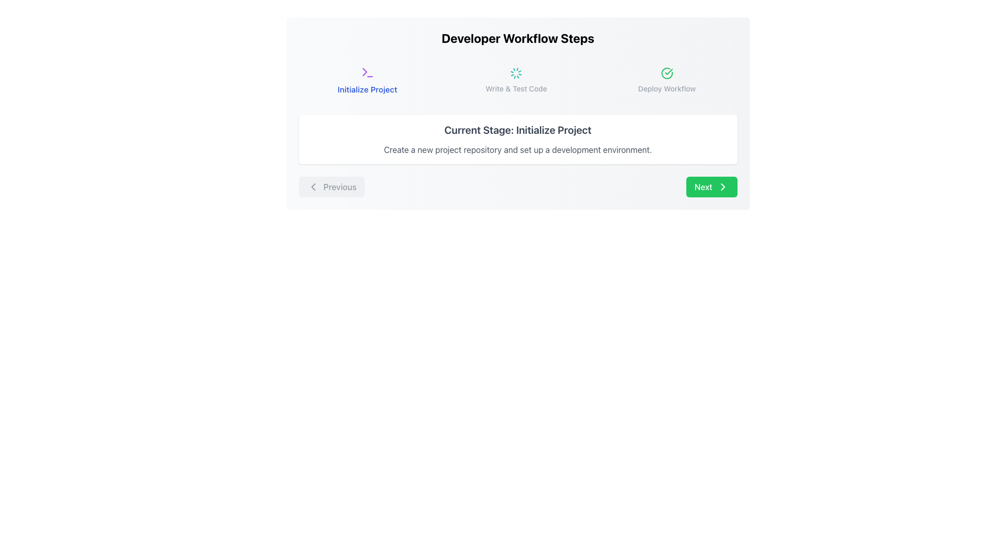 Image resolution: width=993 pixels, height=558 pixels. I want to click on the circular spinner icon with teal-colored radial lines, located under the 'Write & Test Code' label, which signifies an animated loading indicator, so click(516, 73).